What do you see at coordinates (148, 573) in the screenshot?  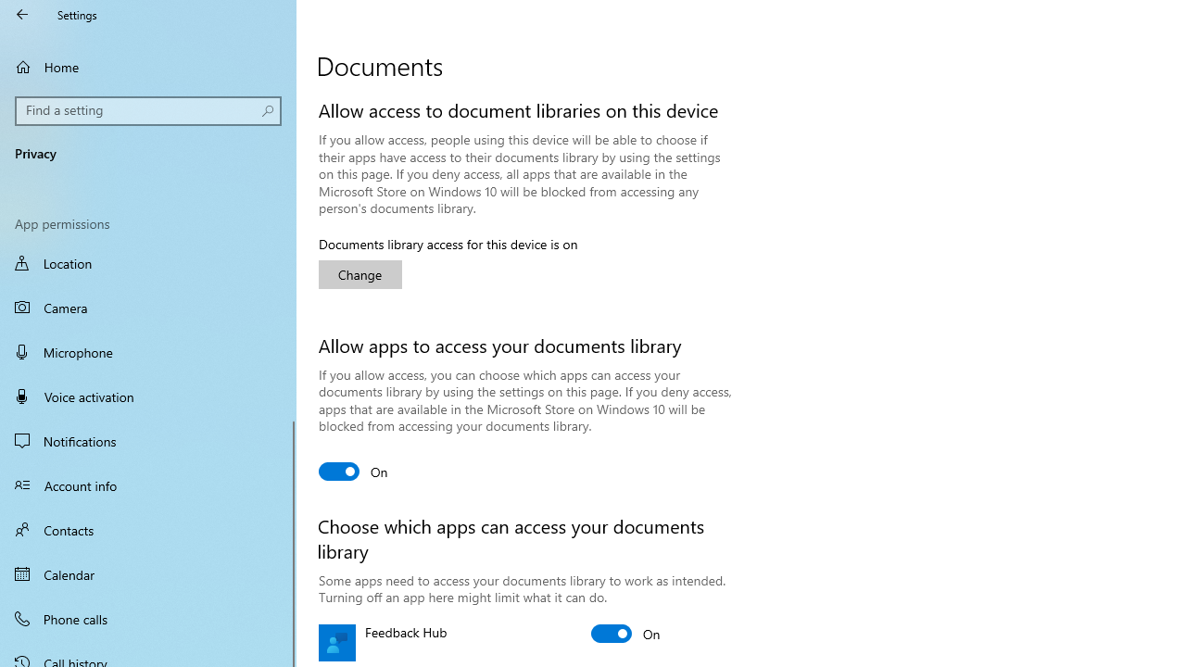 I see `'Calendar'` at bounding box center [148, 573].